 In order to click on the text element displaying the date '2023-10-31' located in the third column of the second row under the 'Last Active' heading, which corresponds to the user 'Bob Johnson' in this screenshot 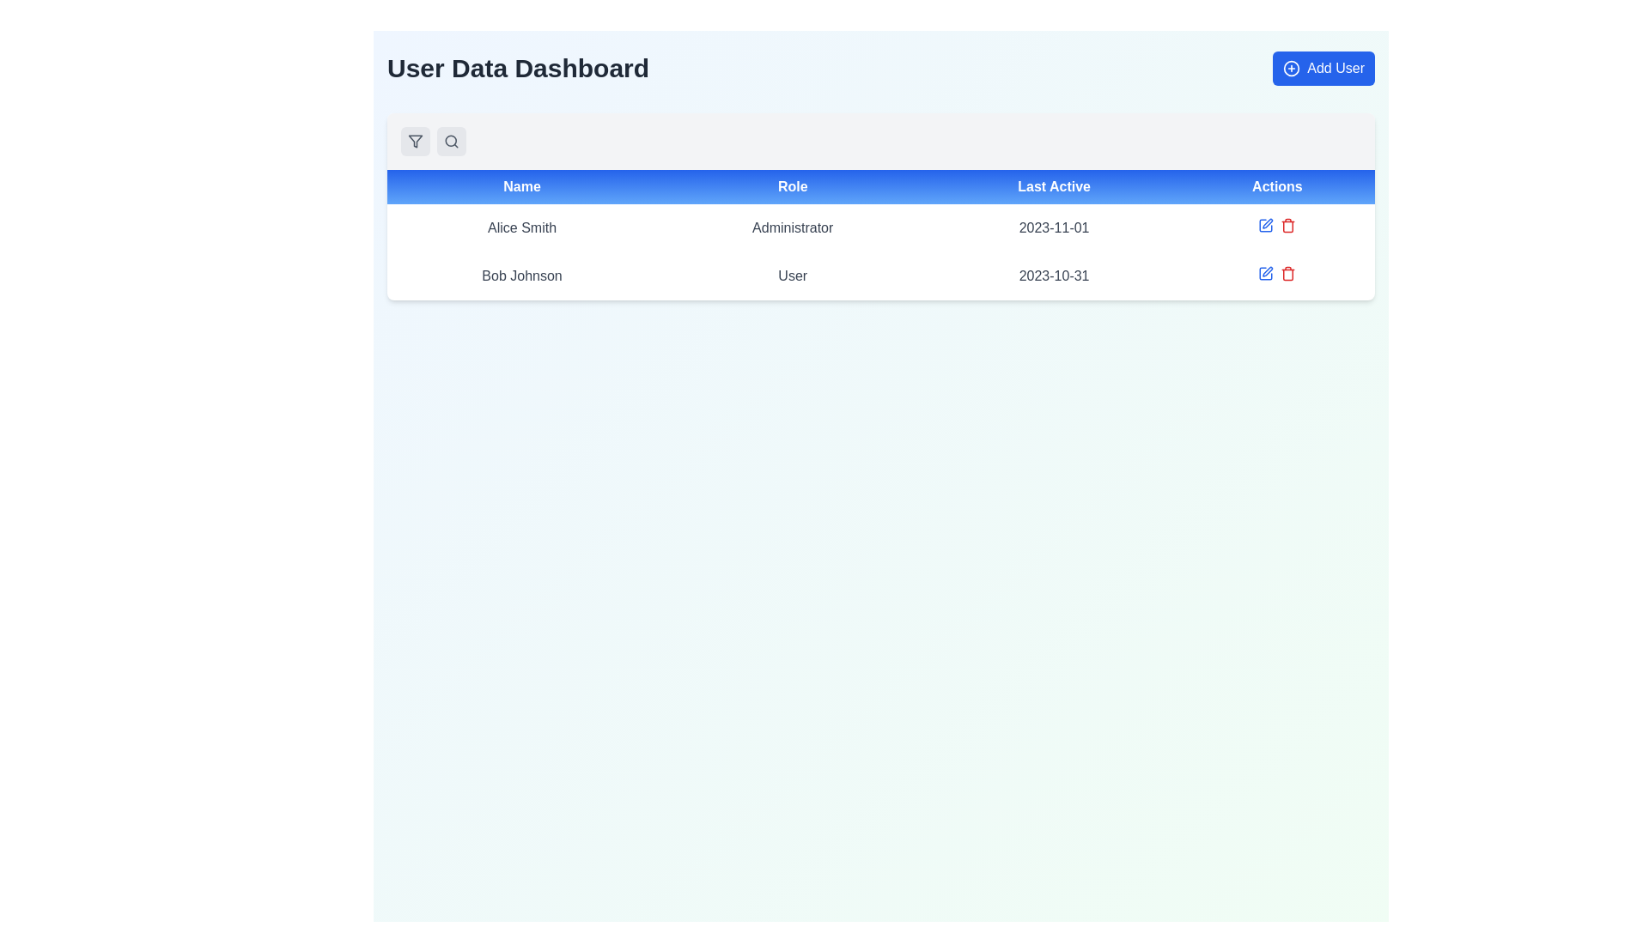, I will do `click(1053, 275)`.